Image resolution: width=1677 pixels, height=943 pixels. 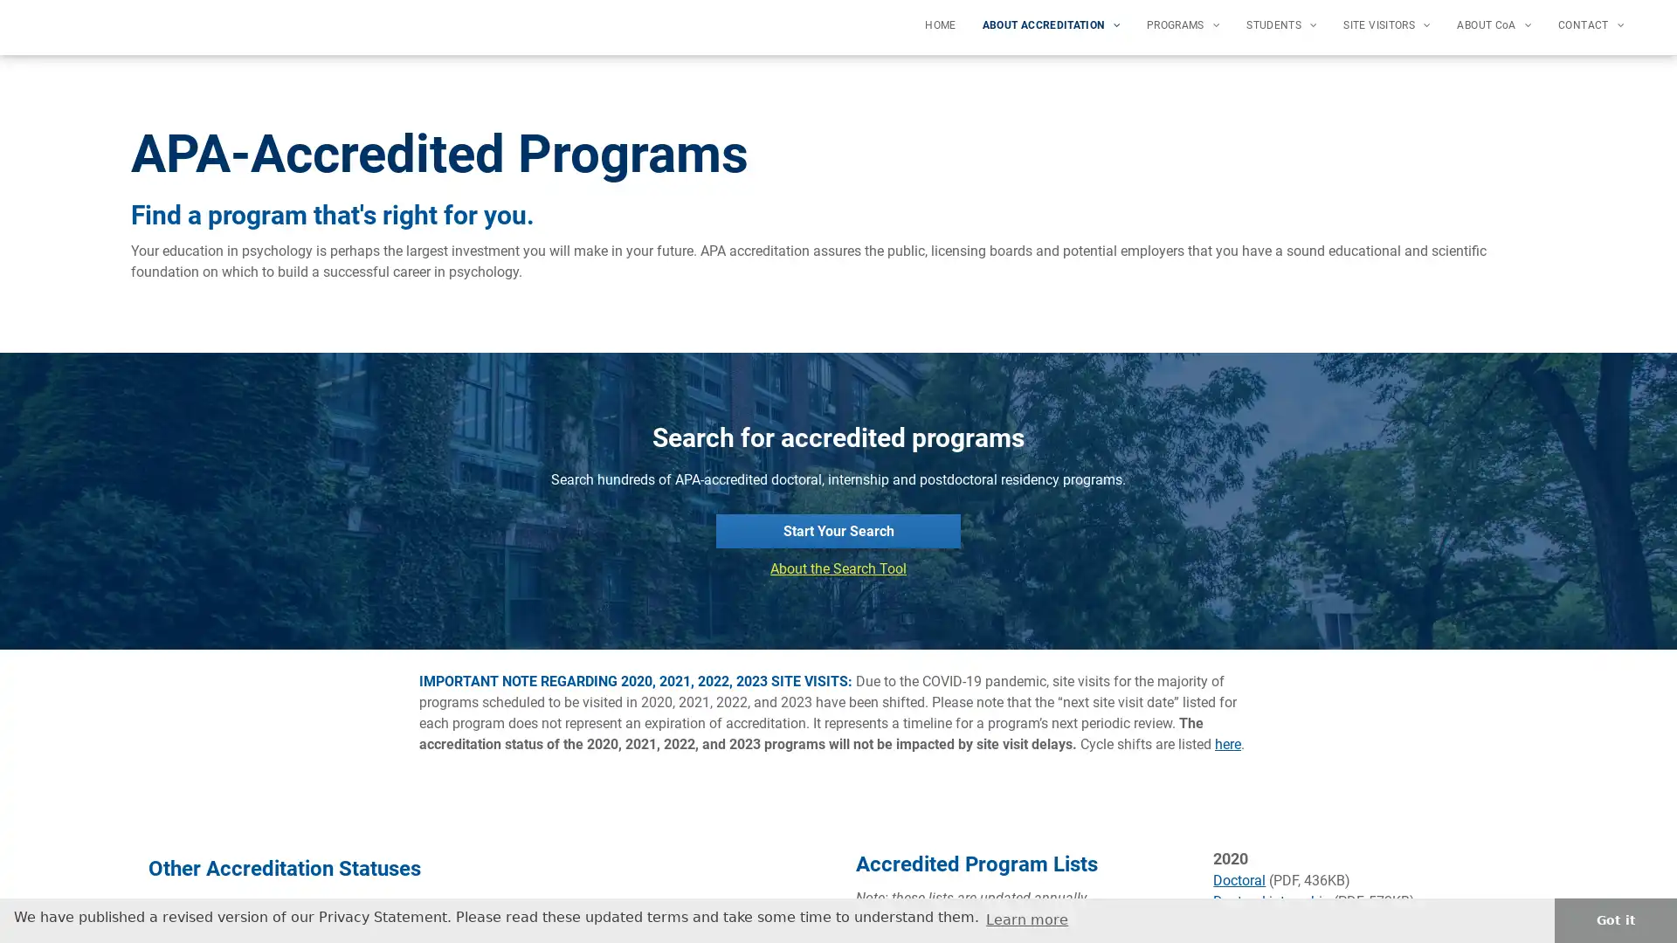 What do you see at coordinates (1027, 919) in the screenshot?
I see `learn more about cookies` at bounding box center [1027, 919].